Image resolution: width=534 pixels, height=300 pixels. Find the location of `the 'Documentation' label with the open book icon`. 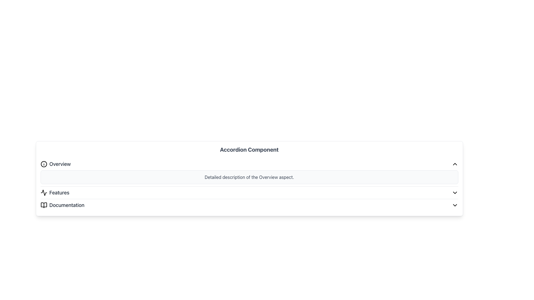

the 'Documentation' label with the open book icon is located at coordinates (62, 205).